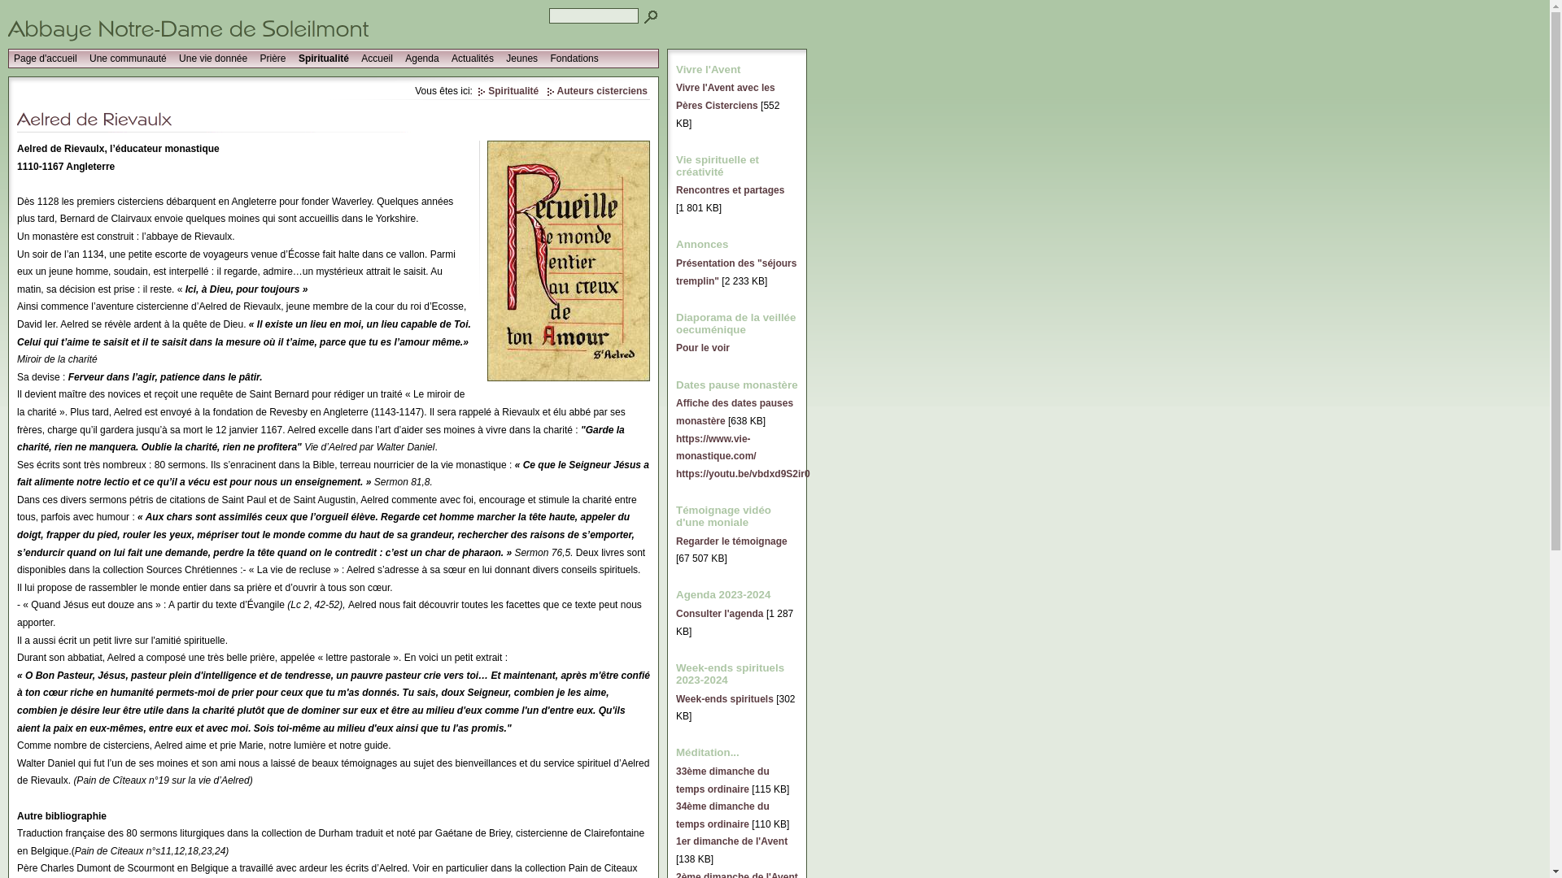  What do you see at coordinates (718, 614) in the screenshot?
I see `'Consulter l'agenda'` at bounding box center [718, 614].